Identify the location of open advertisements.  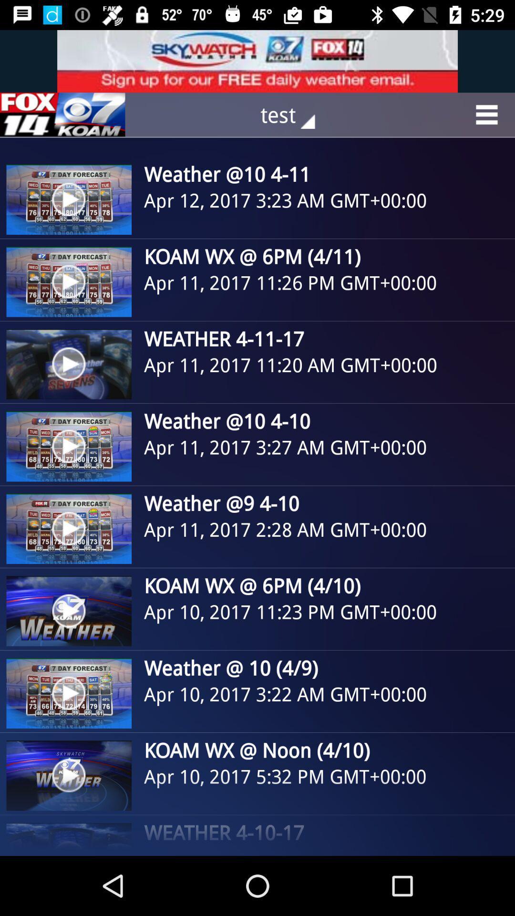
(62, 114).